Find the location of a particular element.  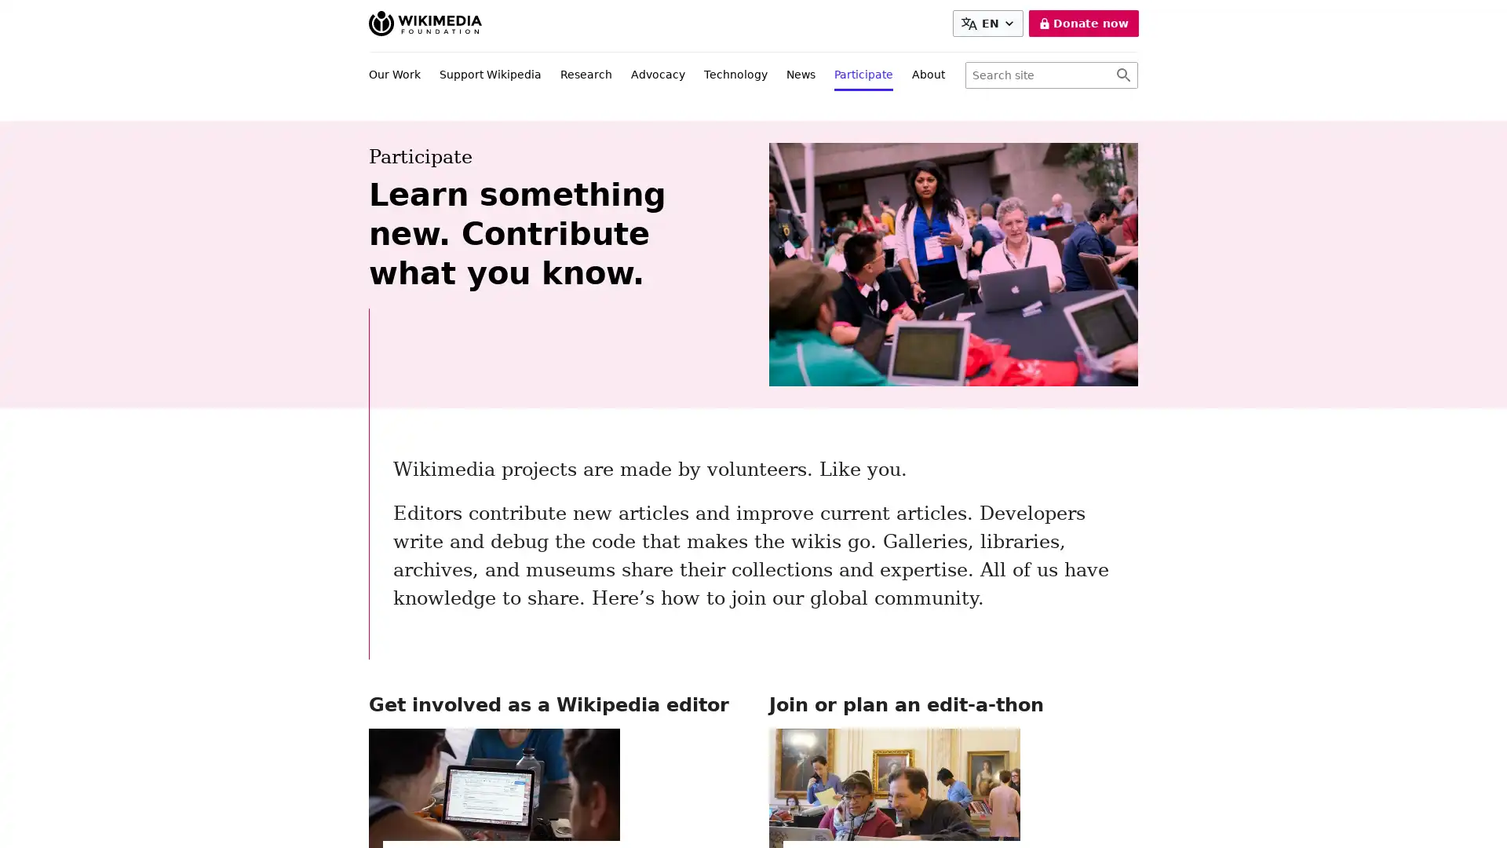

Search is located at coordinates (1122, 75).